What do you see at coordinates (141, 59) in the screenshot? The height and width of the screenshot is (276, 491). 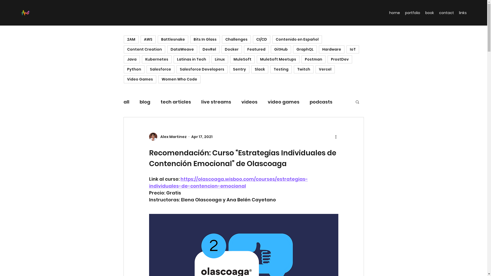 I see `'Kubernetes'` at bounding box center [141, 59].